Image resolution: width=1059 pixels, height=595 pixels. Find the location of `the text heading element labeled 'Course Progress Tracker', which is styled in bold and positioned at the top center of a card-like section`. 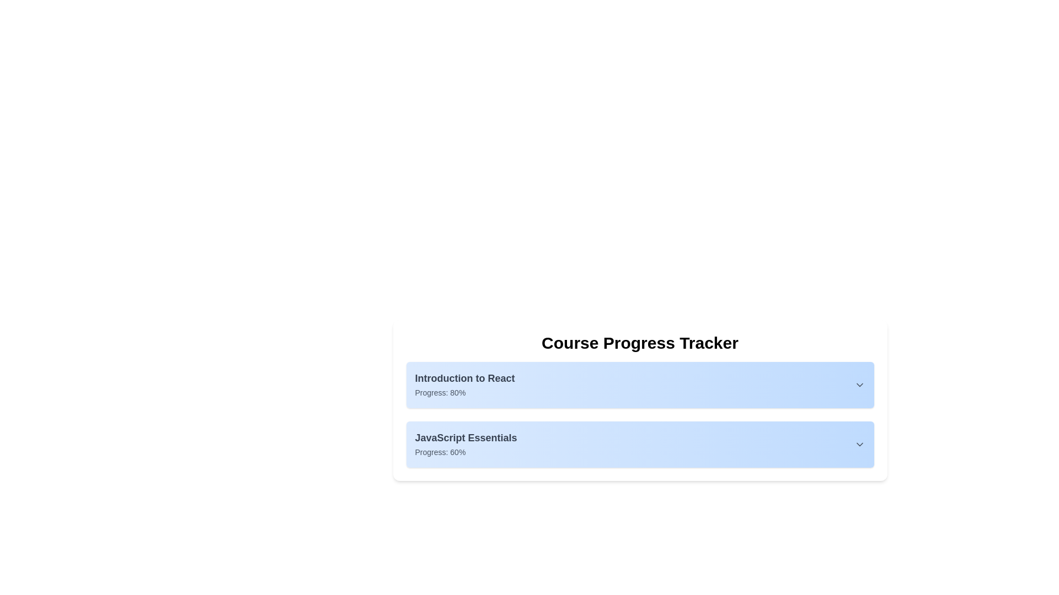

the text heading element labeled 'Course Progress Tracker', which is styled in bold and positioned at the top center of a card-like section is located at coordinates (640, 343).